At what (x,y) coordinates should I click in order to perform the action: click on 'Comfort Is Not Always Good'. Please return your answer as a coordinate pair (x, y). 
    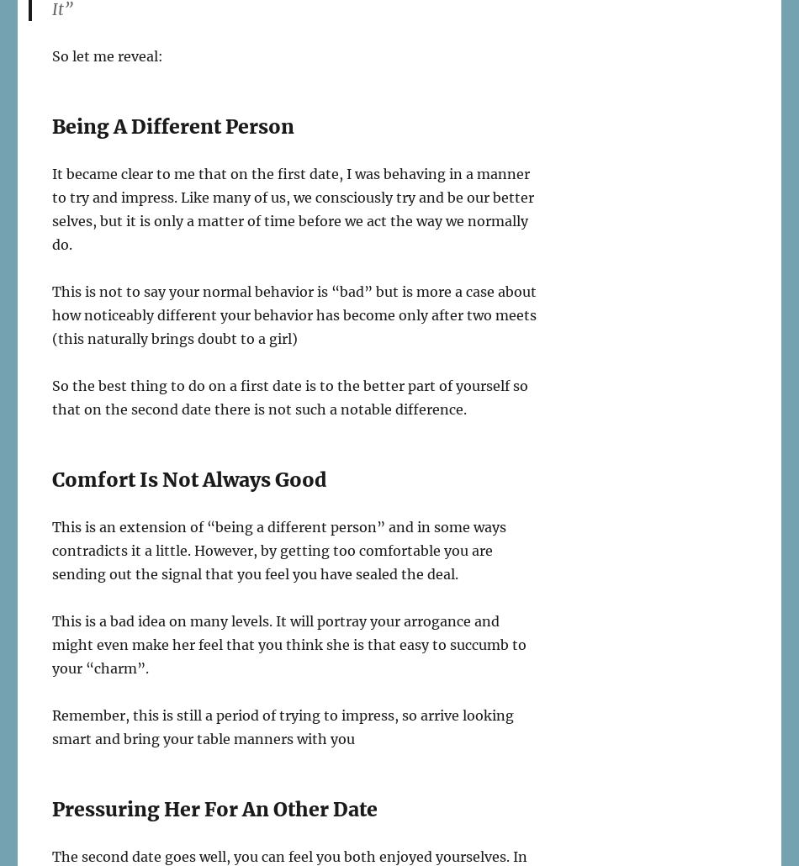
    Looking at the image, I should click on (188, 479).